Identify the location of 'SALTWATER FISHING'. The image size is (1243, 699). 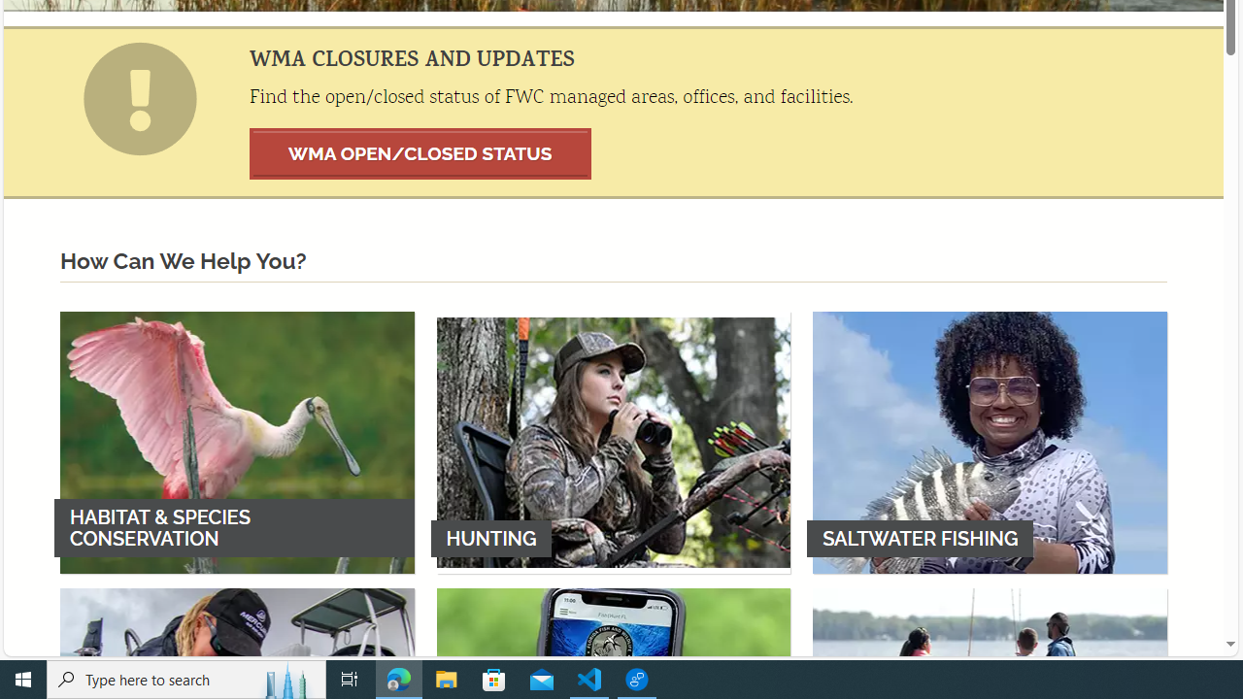
(990, 442).